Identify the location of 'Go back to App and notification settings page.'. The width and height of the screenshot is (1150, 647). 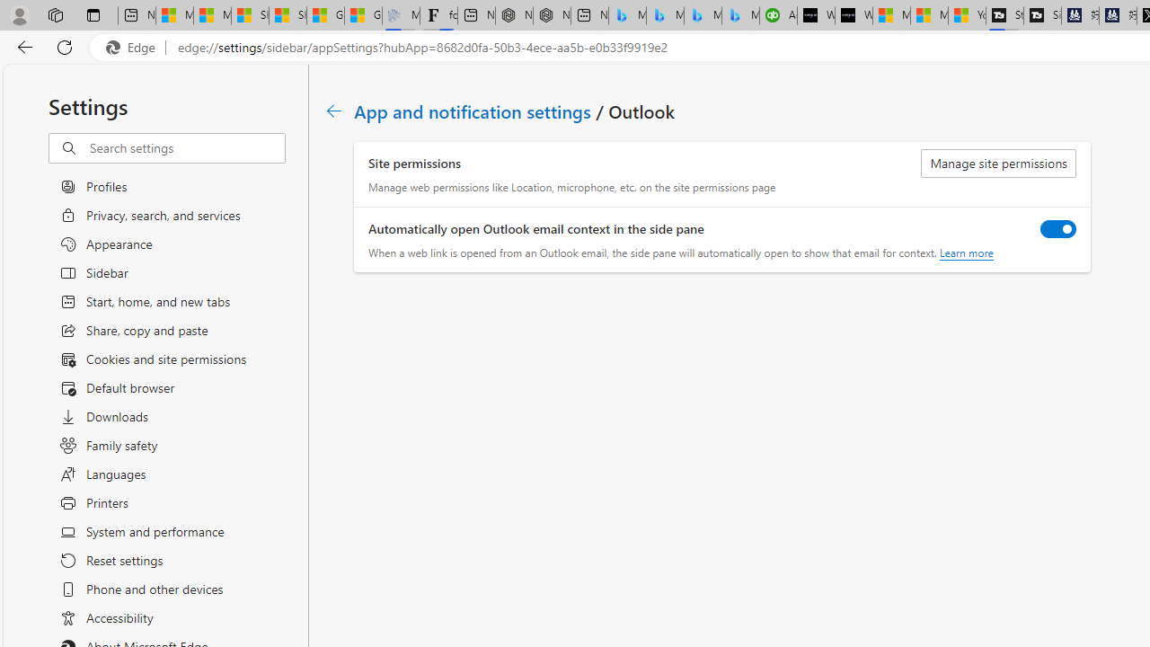
(334, 111).